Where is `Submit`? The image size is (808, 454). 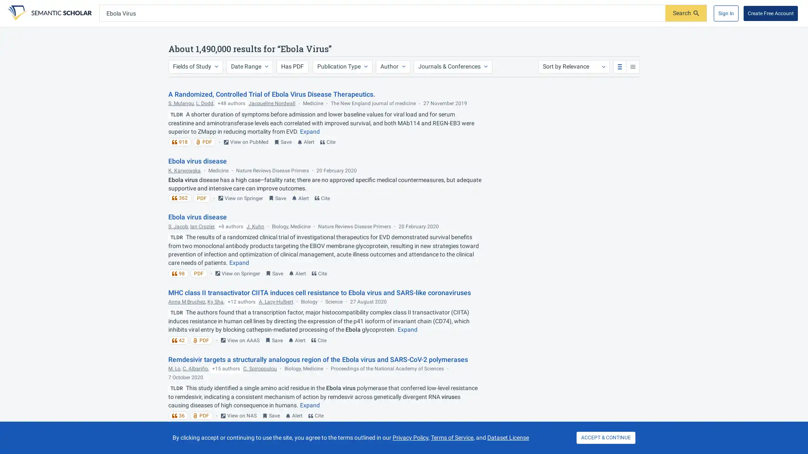 Submit is located at coordinates (686, 13).